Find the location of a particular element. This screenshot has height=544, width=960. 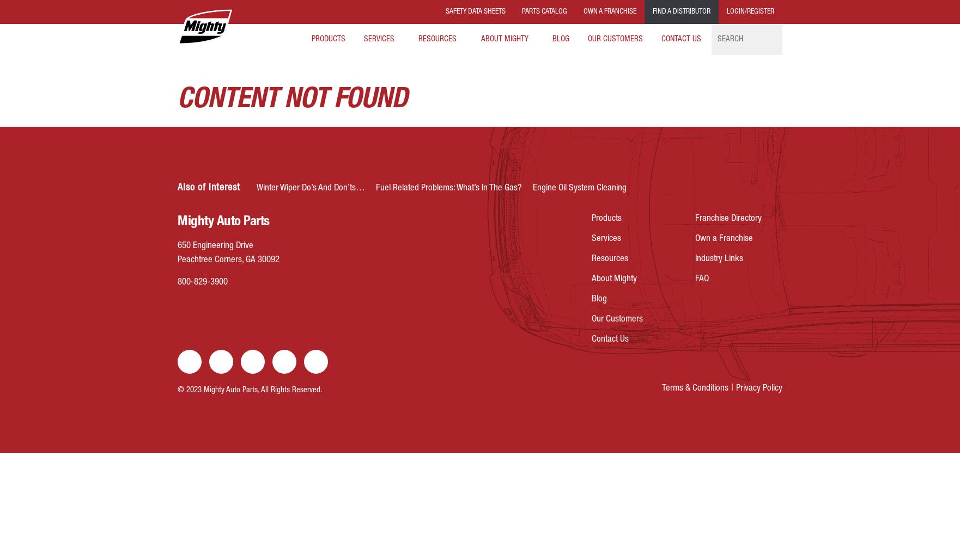

'FAQ' is located at coordinates (695, 279).